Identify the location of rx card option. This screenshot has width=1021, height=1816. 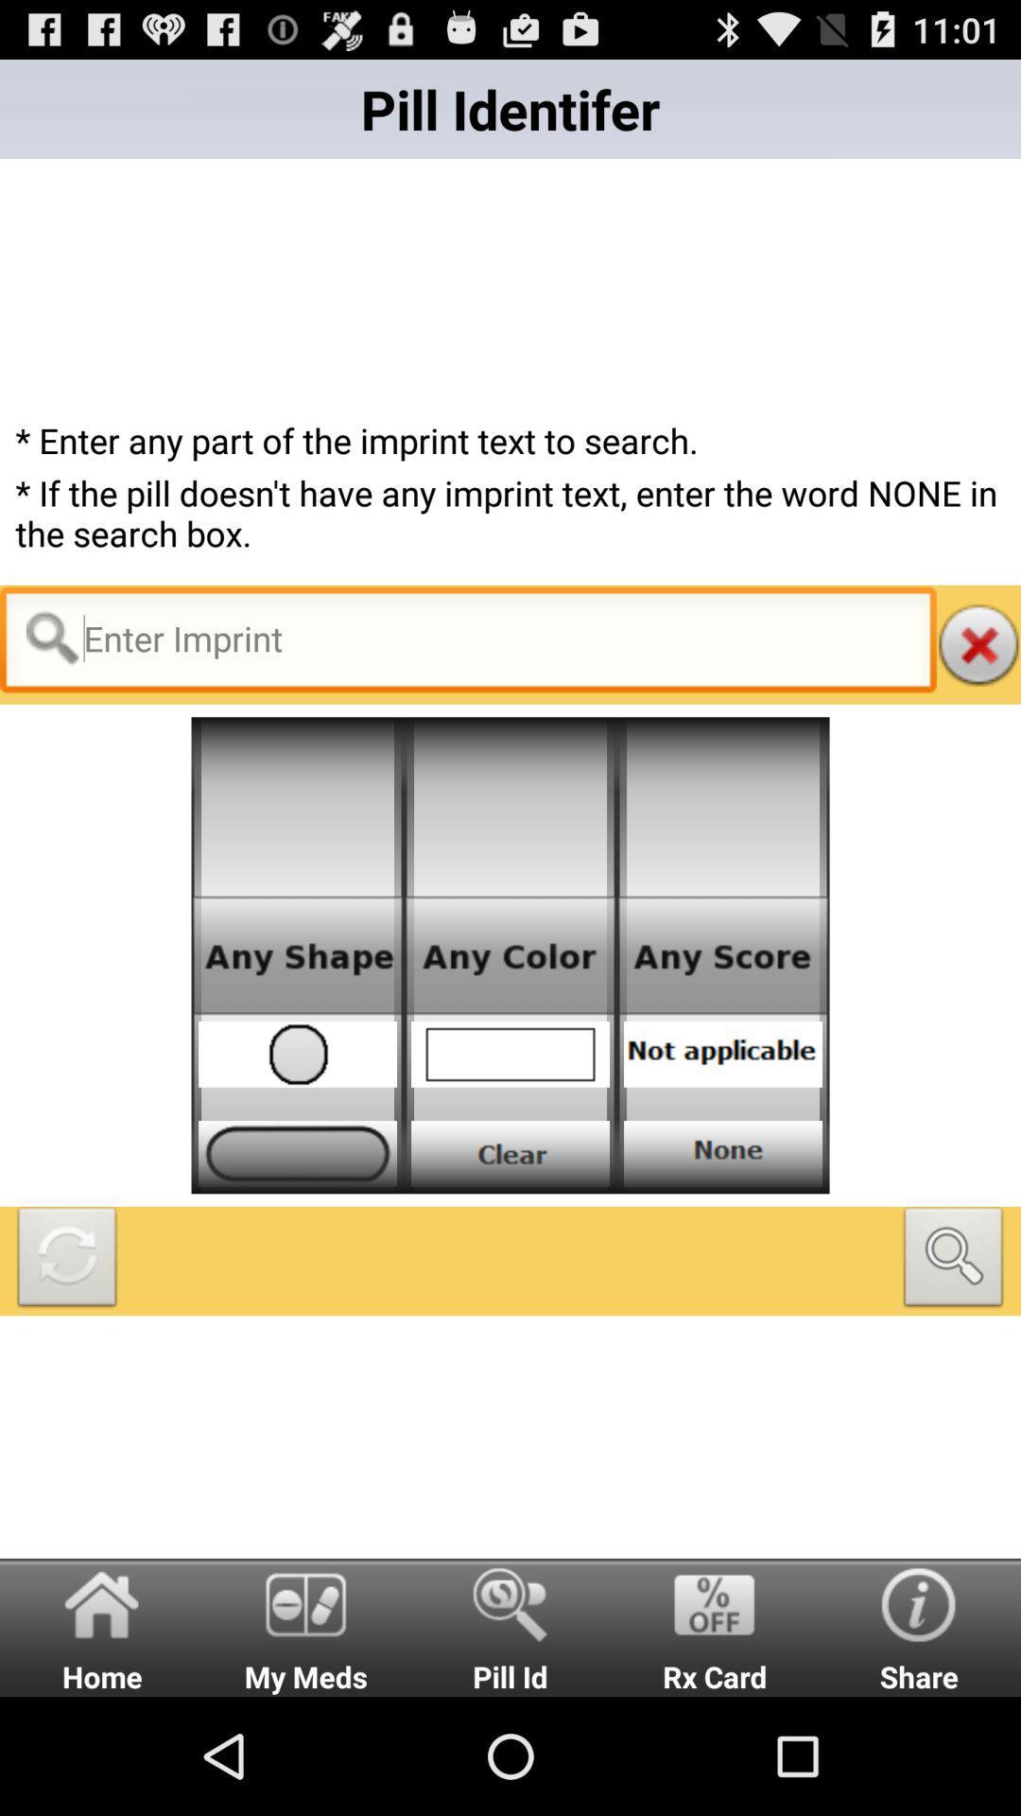
(715, 1627).